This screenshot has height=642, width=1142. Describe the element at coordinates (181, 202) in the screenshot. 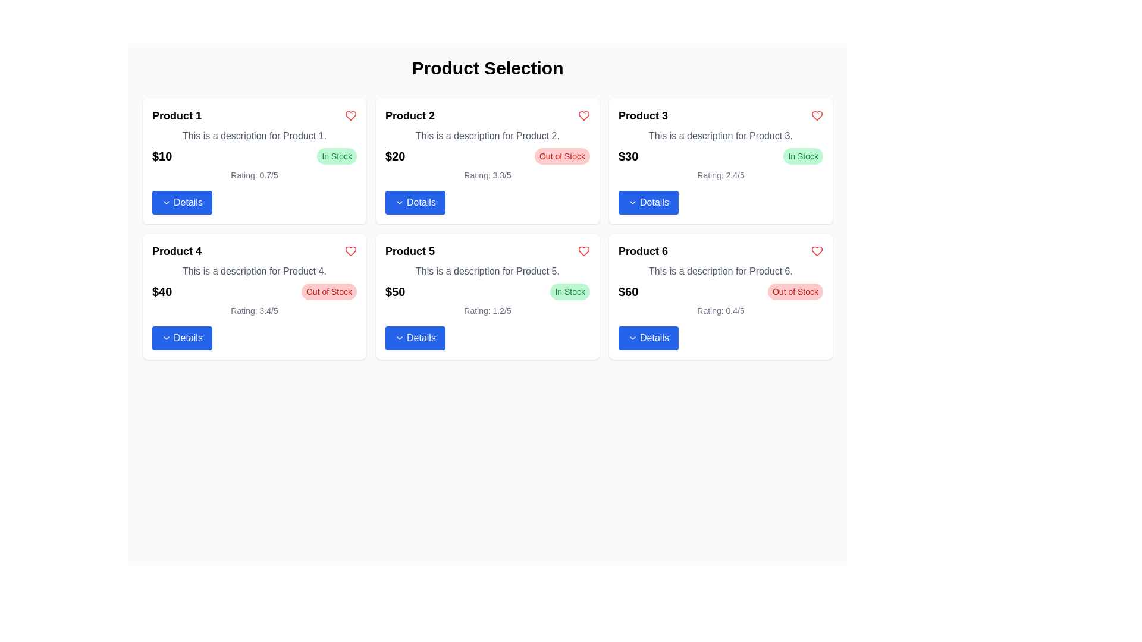

I see `the rectangular blue button labeled 'Details' with a downward arrow icon on the left side` at that location.